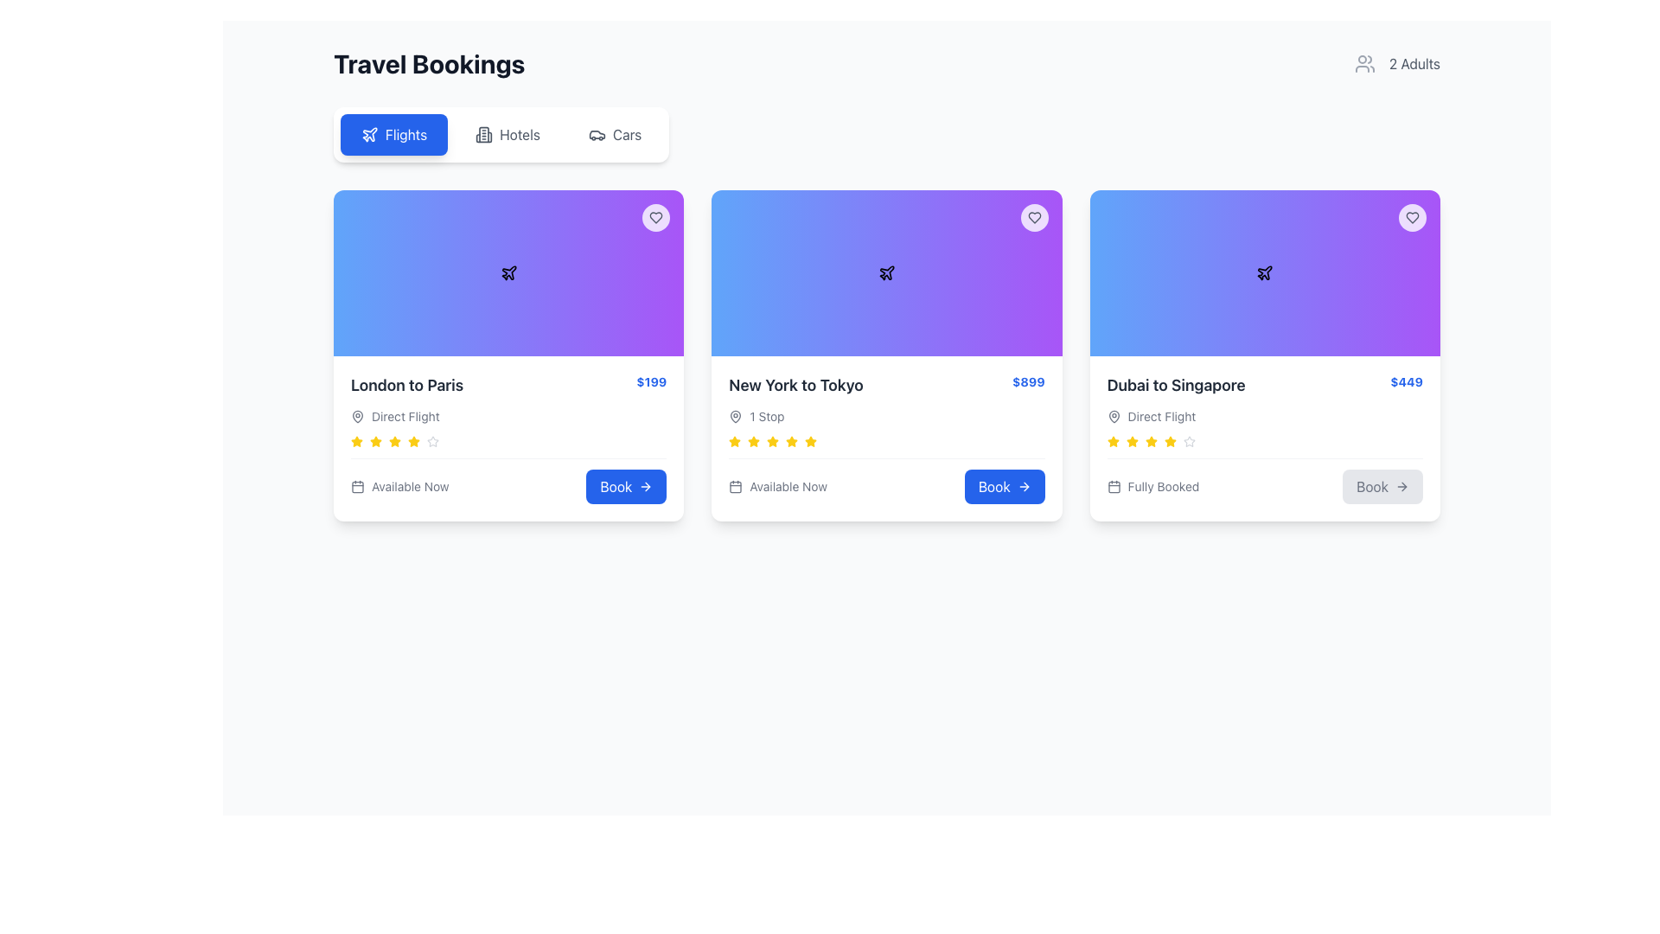 This screenshot has height=934, width=1660. Describe the element at coordinates (1170, 440) in the screenshot. I see `the fifth star icon in the rating component located below the title 'Dubai to Singapore' in the third card of the list` at that location.